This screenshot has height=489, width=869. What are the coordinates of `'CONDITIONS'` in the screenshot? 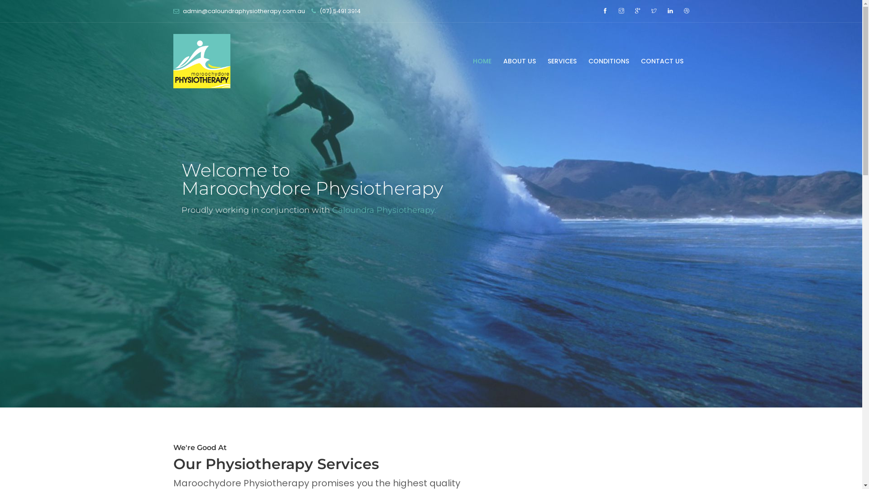 It's located at (608, 61).